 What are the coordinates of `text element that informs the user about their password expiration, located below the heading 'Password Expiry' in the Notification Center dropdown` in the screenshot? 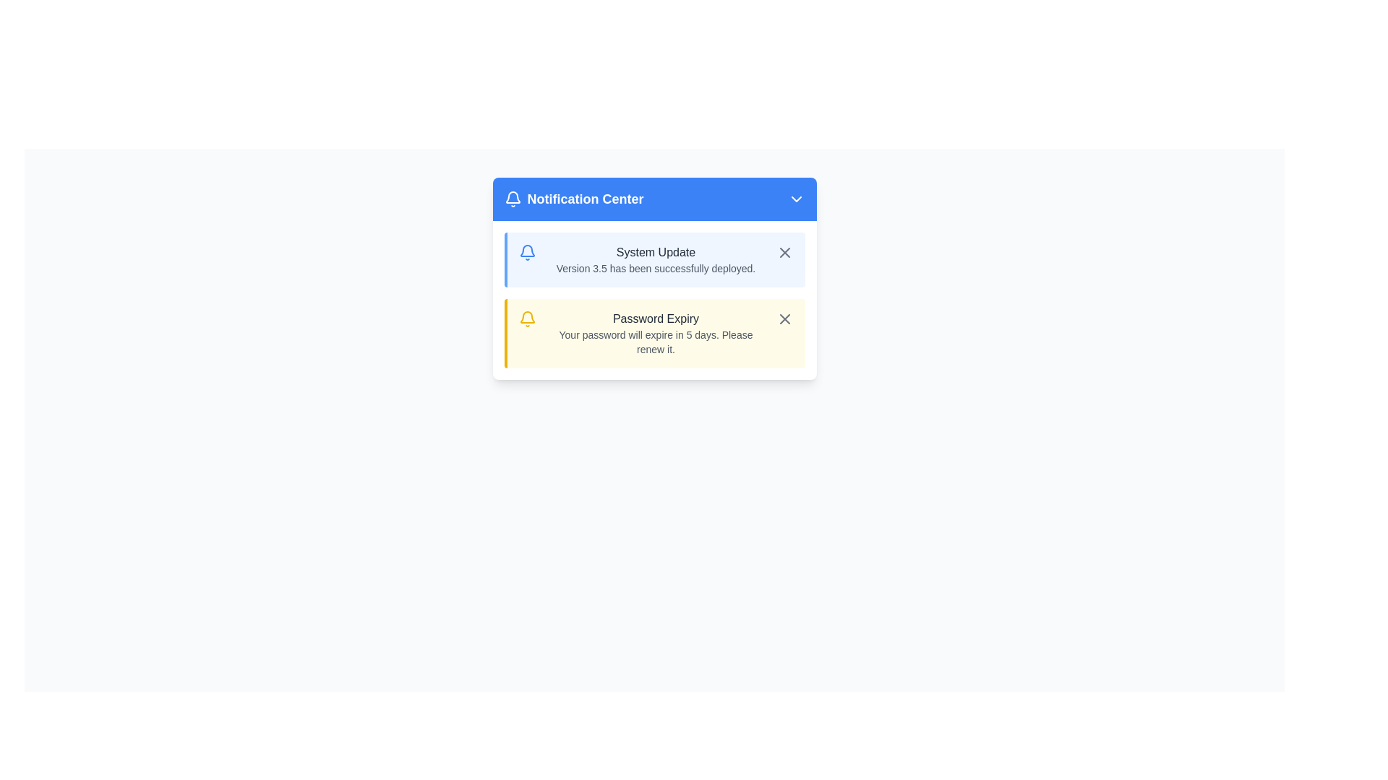 It's located at (655, 342).